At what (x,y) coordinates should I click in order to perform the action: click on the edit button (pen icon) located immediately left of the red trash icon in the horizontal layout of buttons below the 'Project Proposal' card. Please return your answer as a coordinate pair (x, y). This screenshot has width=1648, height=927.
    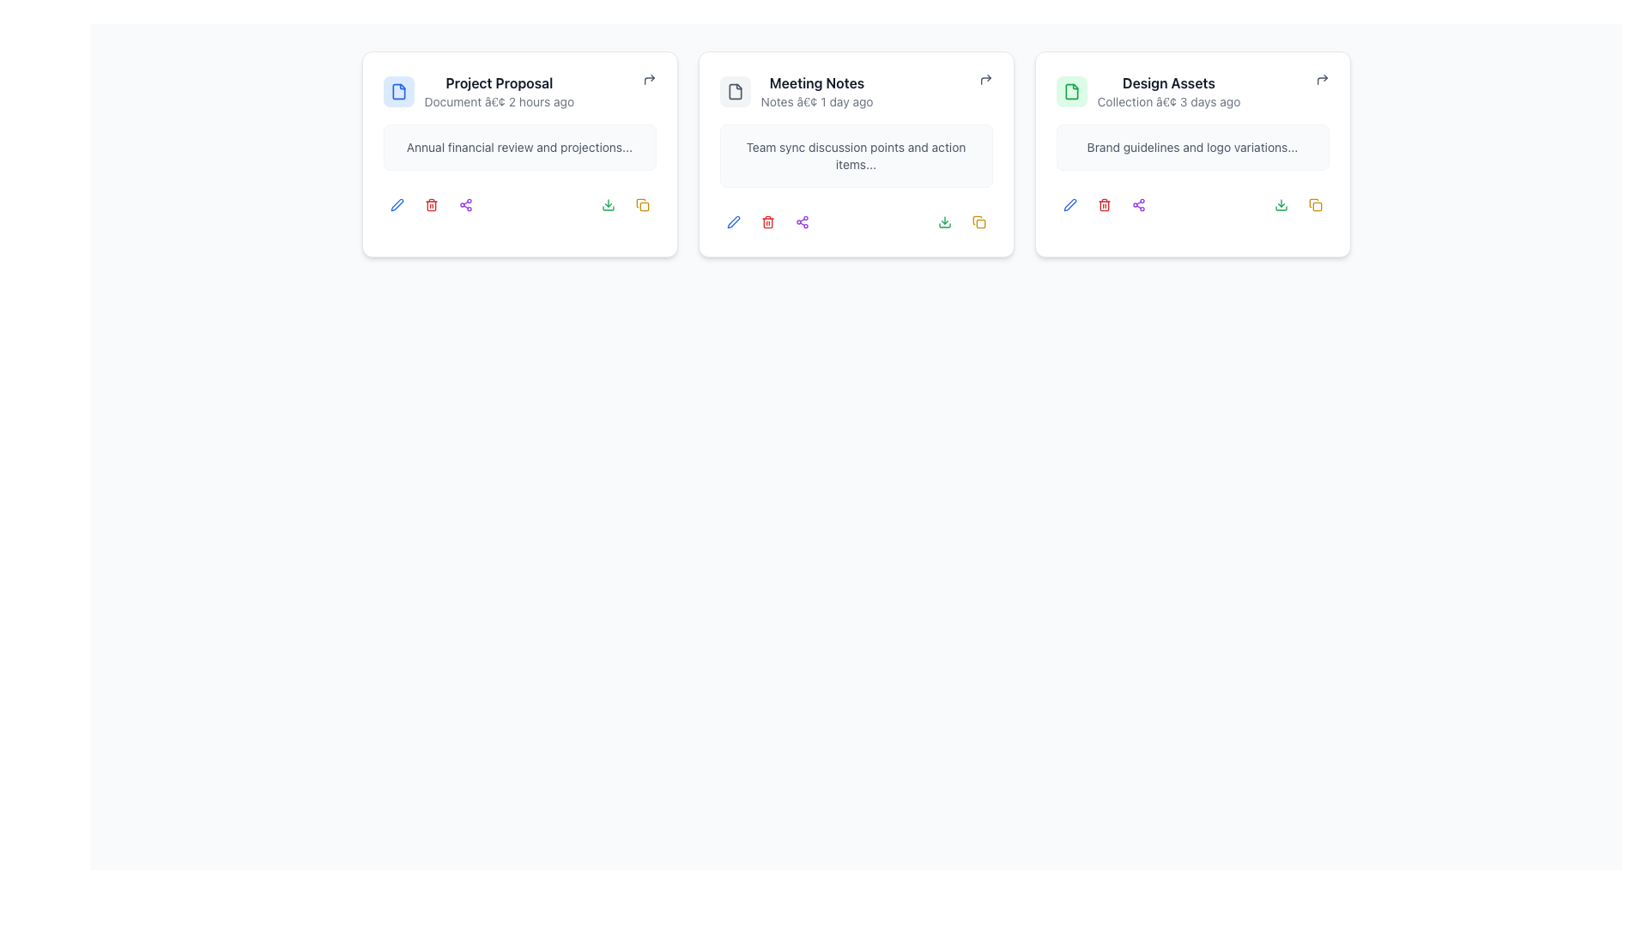
    Looking at the image, I should click on (396, 204).